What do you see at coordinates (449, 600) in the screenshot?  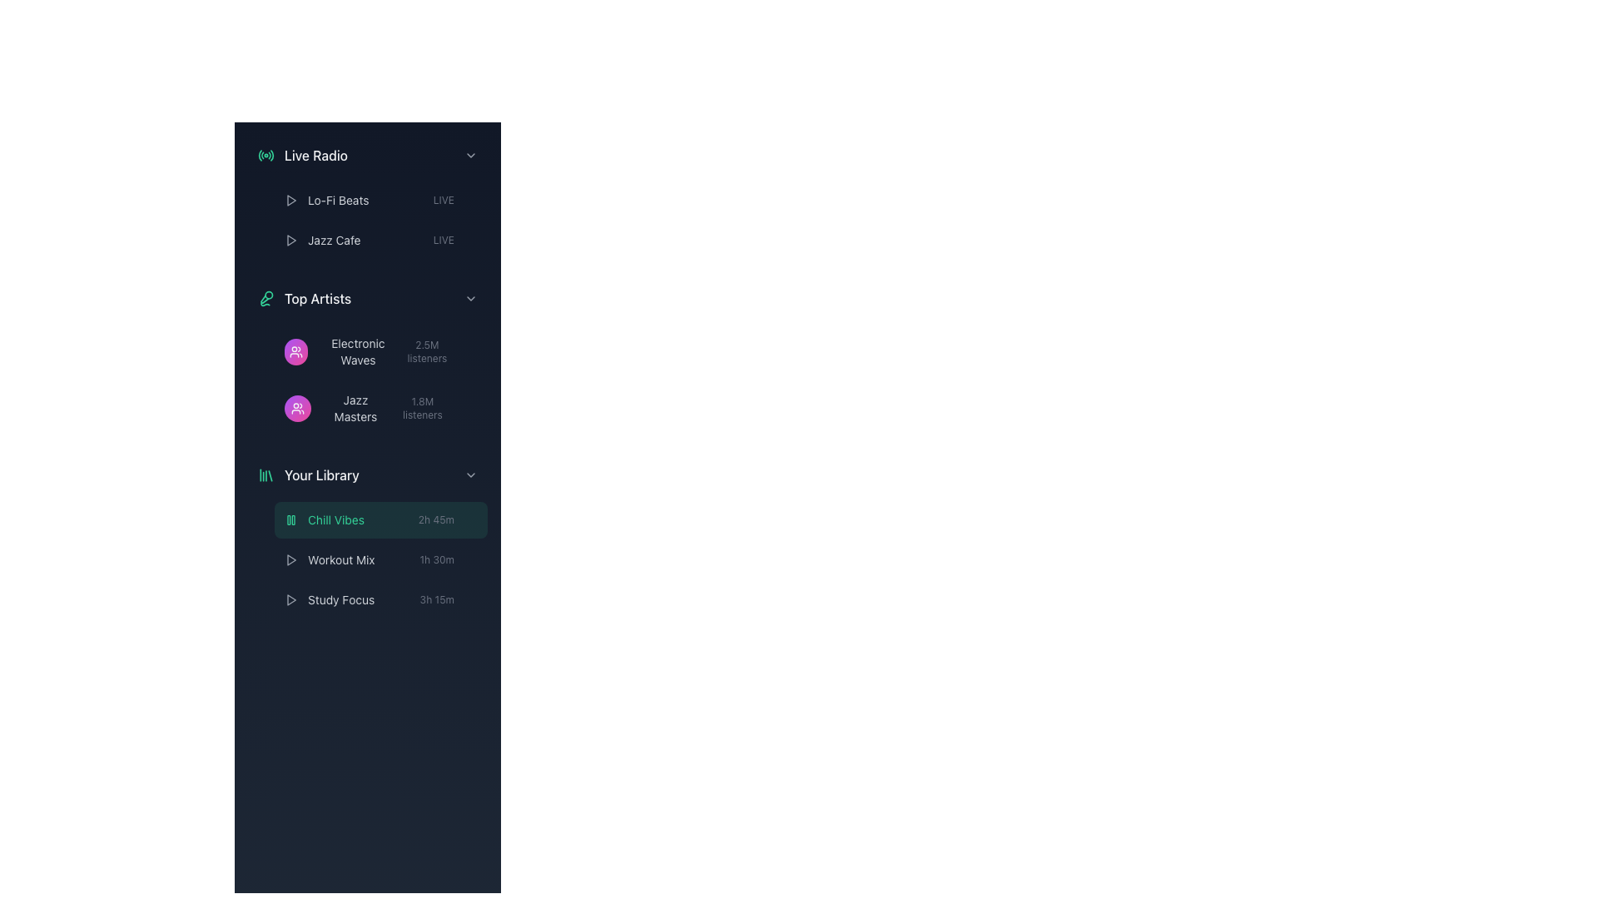 I see `the text label displaying '3h 15m' in the lower-right corner of the 'Study Focus' entry within the 'Your Library' section` at bounding box center [449, 600].